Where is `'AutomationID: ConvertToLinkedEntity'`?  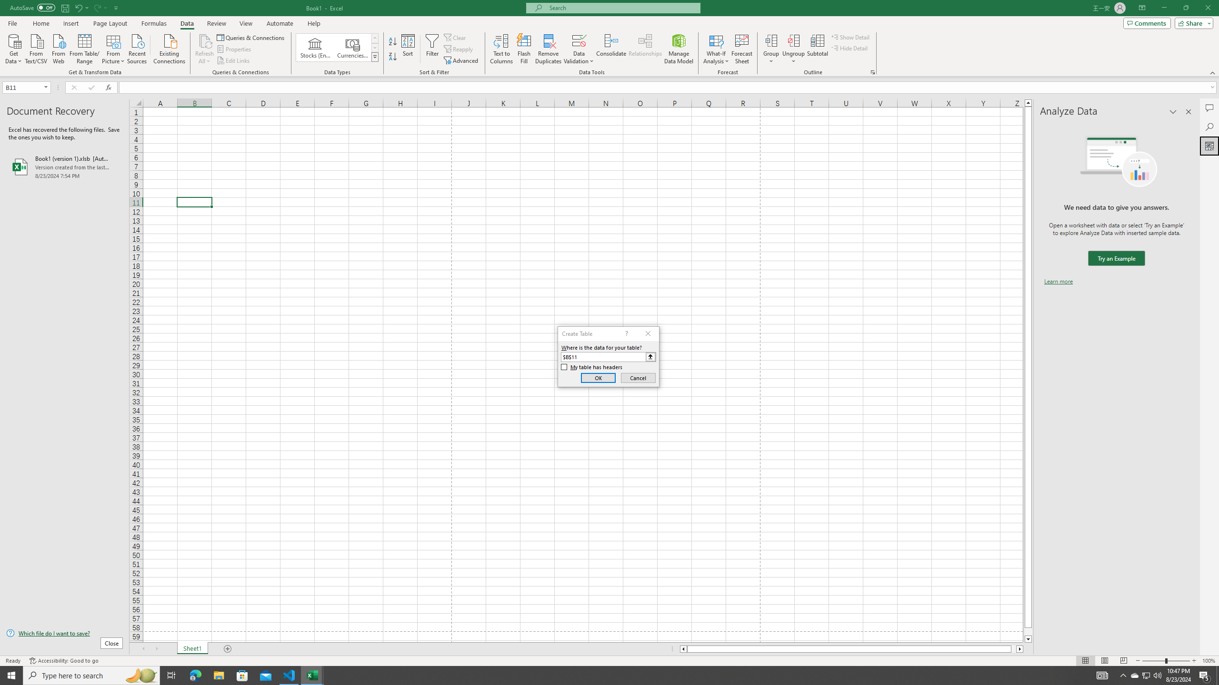
'AutomationID: ConvertToLinkedEntity' is located at coordinates (338, 47).